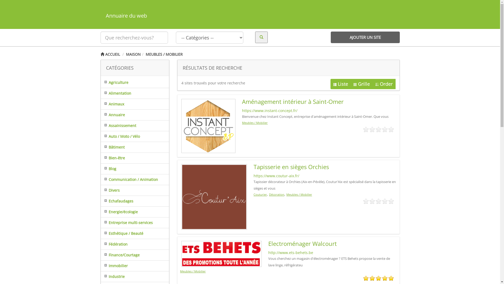  Describe the element at coordinates (361, 84) in the screenshot. I see `'Grille'` at that location.